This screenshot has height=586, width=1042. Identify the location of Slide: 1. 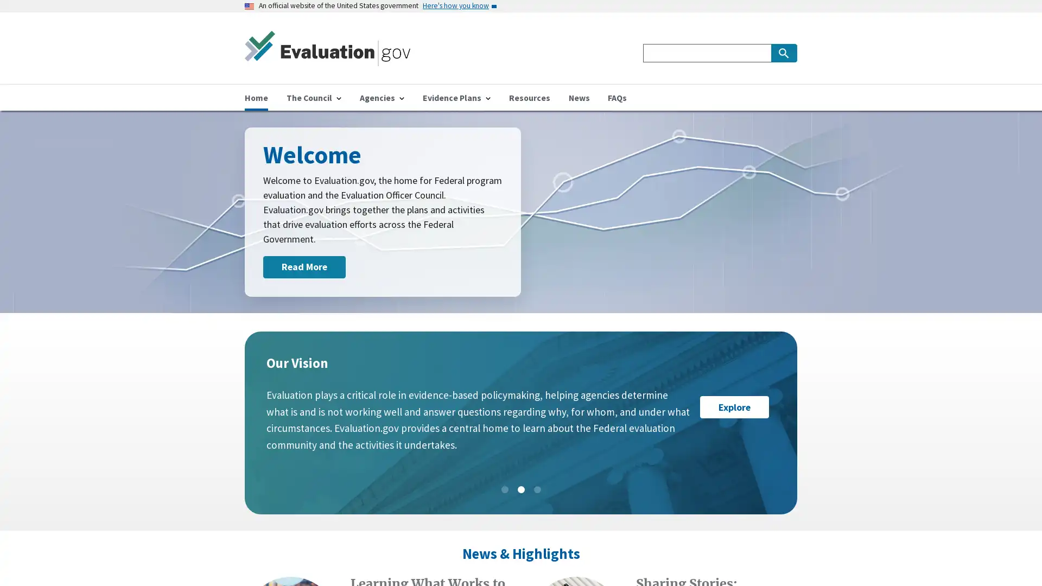
(504, 489).